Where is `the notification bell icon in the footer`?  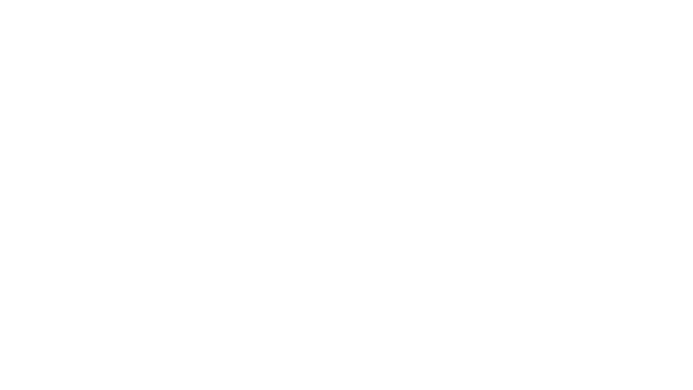 the notification bell icon in the footer is located at coordinates (667, 324).